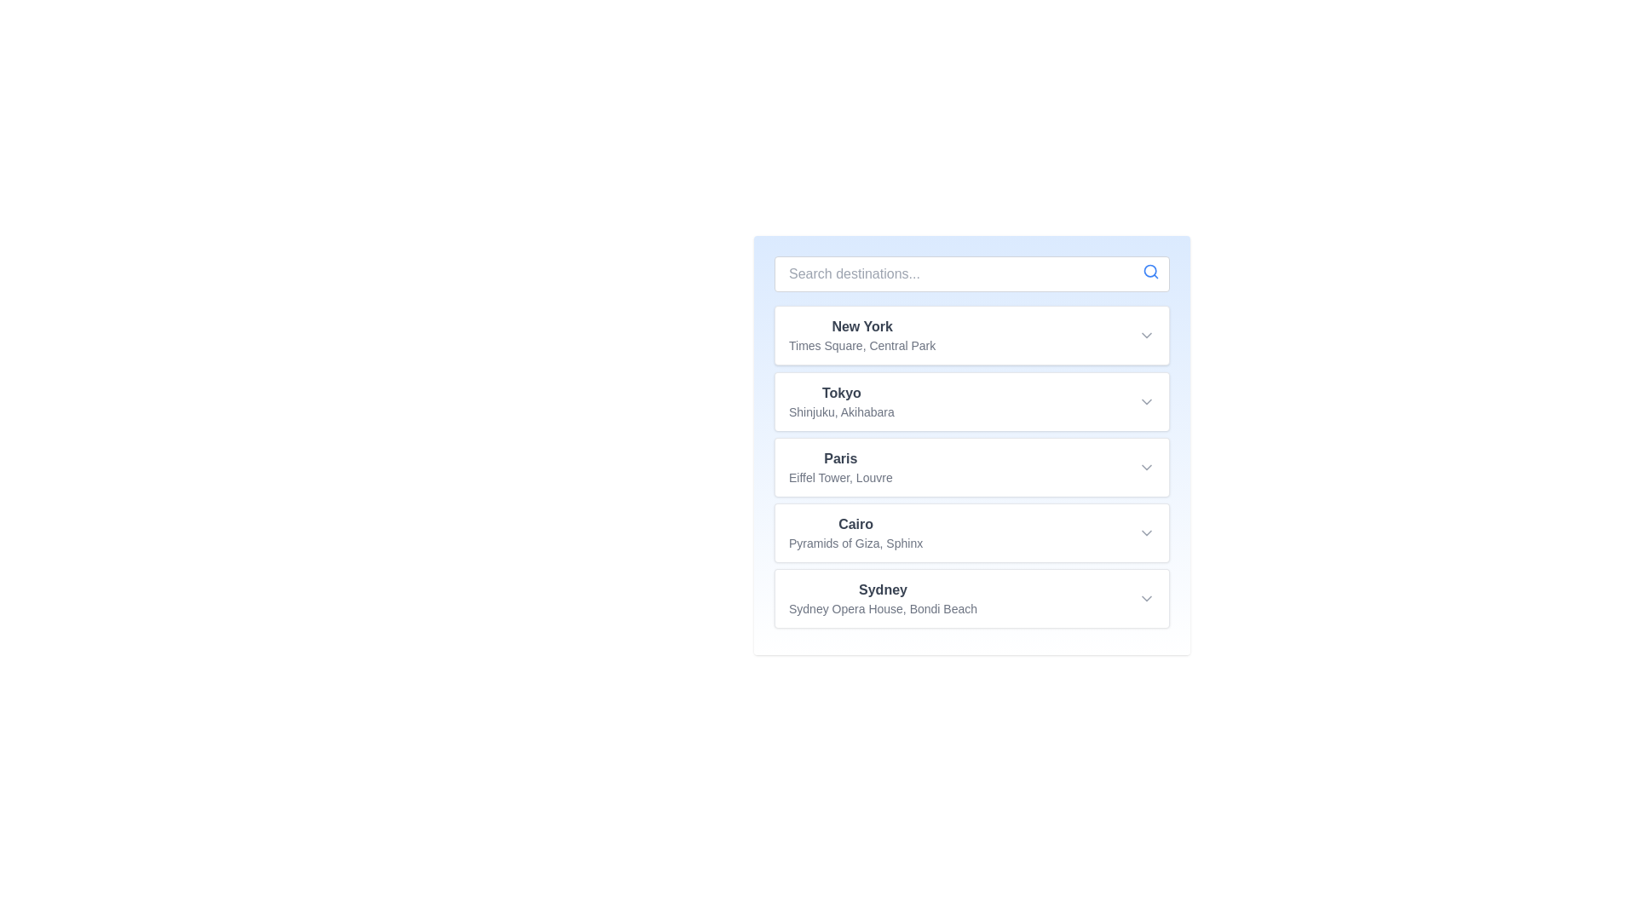  What do you see at coordinates (855, 543) in the screenshot?
I see `the text label that provides additional descriptive information about the 'Cairo' list entry, located below the title 'Cairo.'` at bounding box center [855, 543].